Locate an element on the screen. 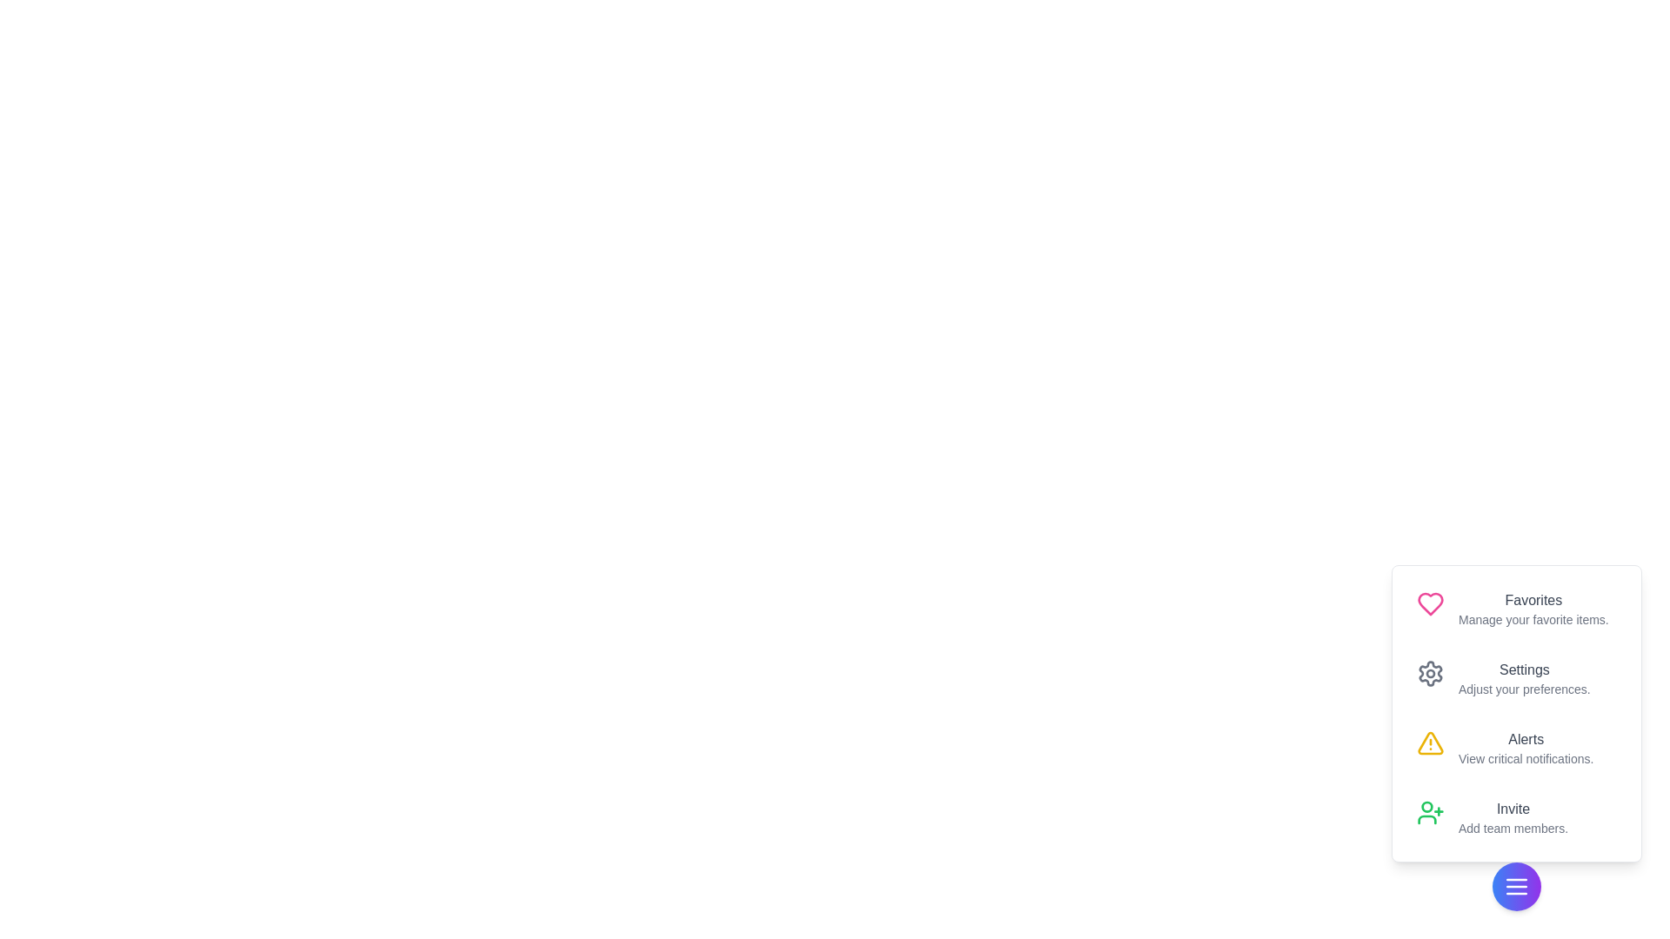  the button at the bottom right corner to toggle the menu's visibility is located at coordinates (1515, 886).